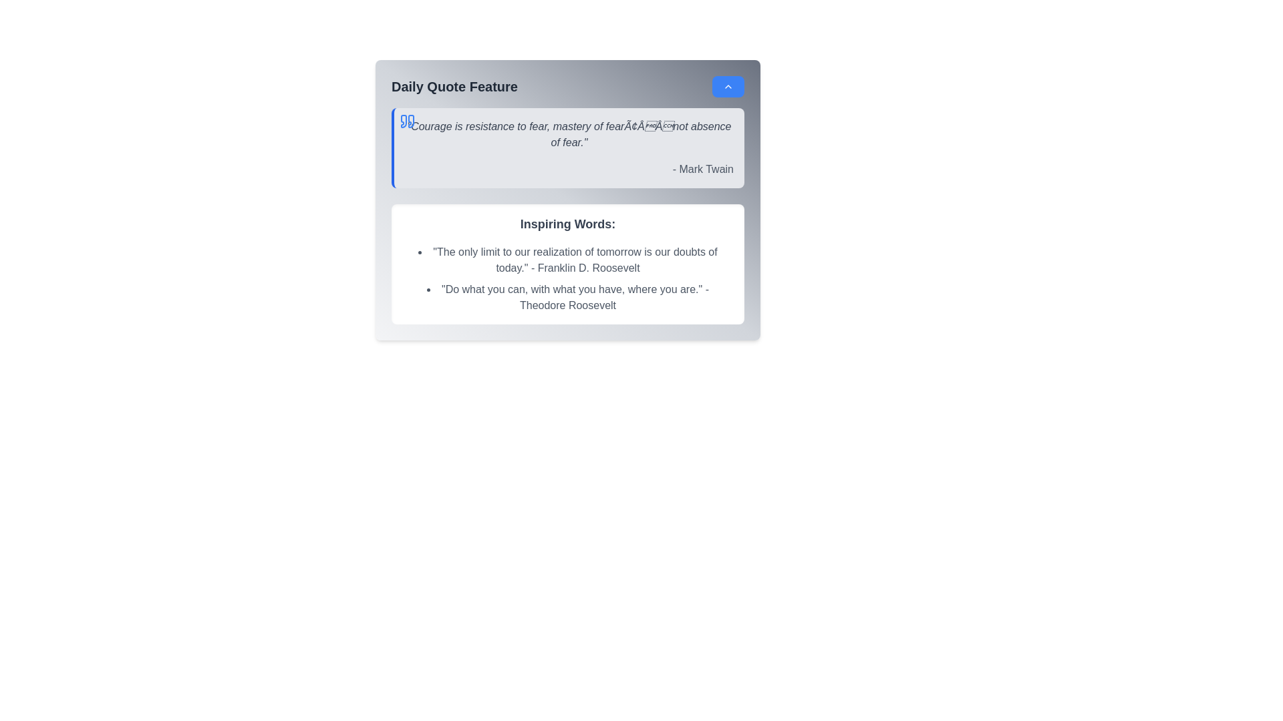  I want to click on text of the second bullet point in the 'Inspiring Words:' section, which displays an inspirational quote, so click(567, 297).